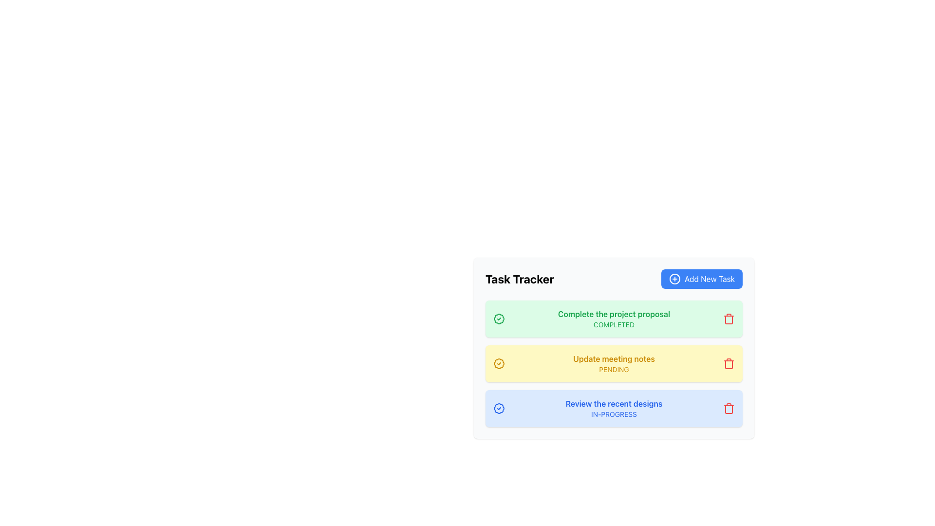 Image resolution: width=935 pixels, height=526 pixels. What do you see at coordinates (614, 370) in the screenshot?
I see `the text label displaying 'PENDING' in uppercase, located within the second task card labeled 'Update meeting notes'` at bounding box center [614, 370].